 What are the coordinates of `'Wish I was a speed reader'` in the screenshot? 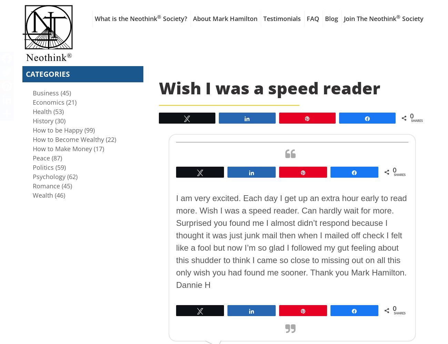 It's located at (158, 88).